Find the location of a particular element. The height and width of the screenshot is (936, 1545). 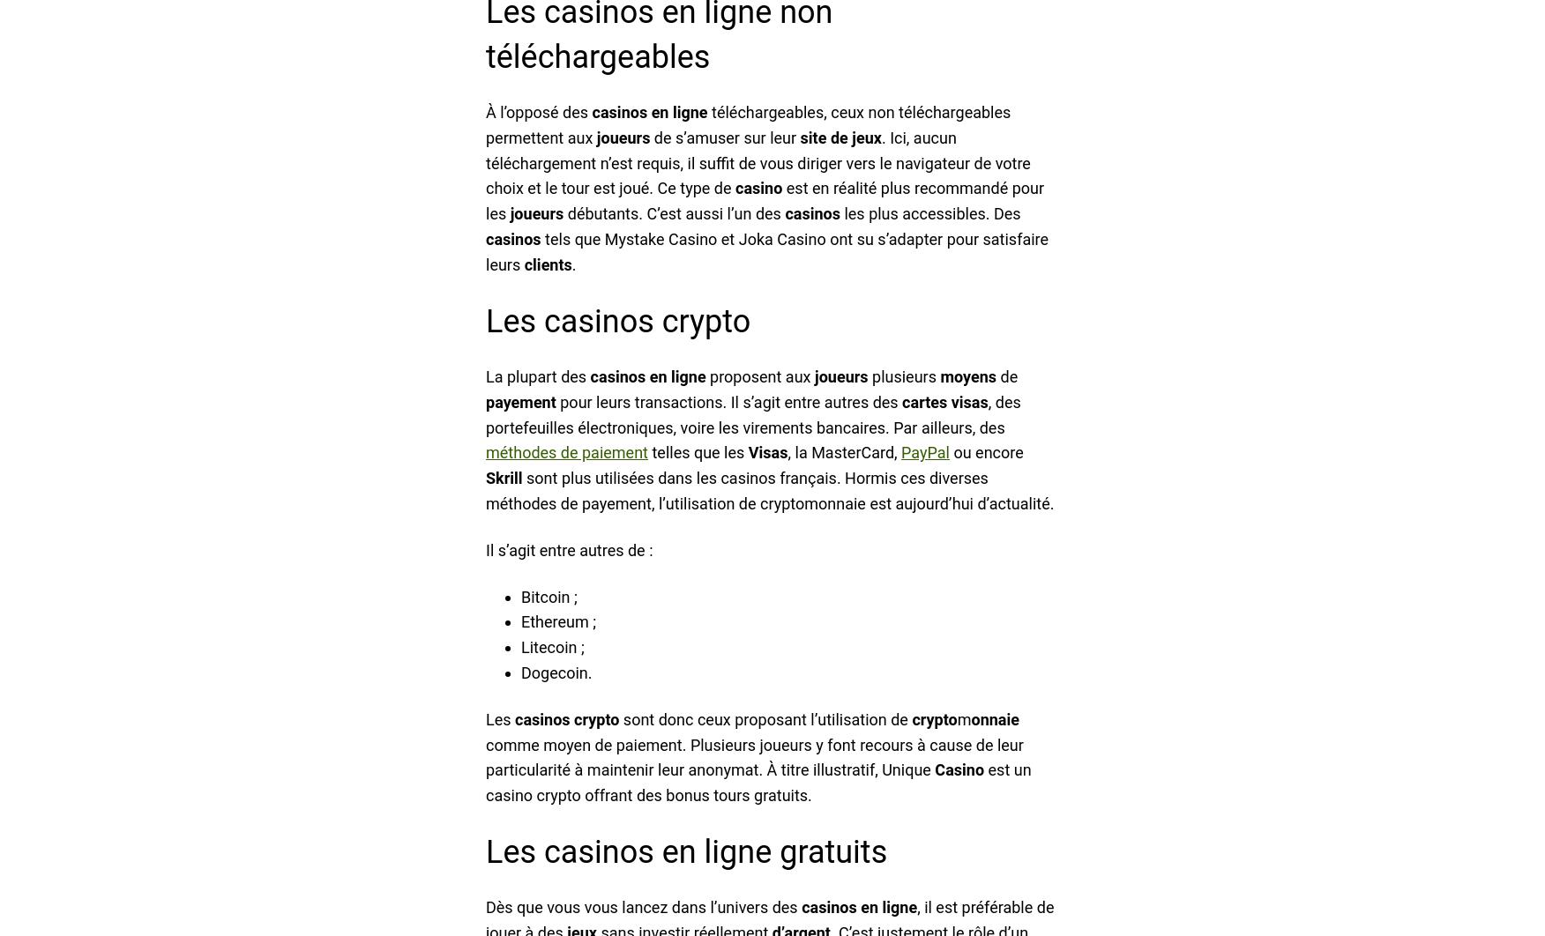

'site' is located at coordinates (813, 137).